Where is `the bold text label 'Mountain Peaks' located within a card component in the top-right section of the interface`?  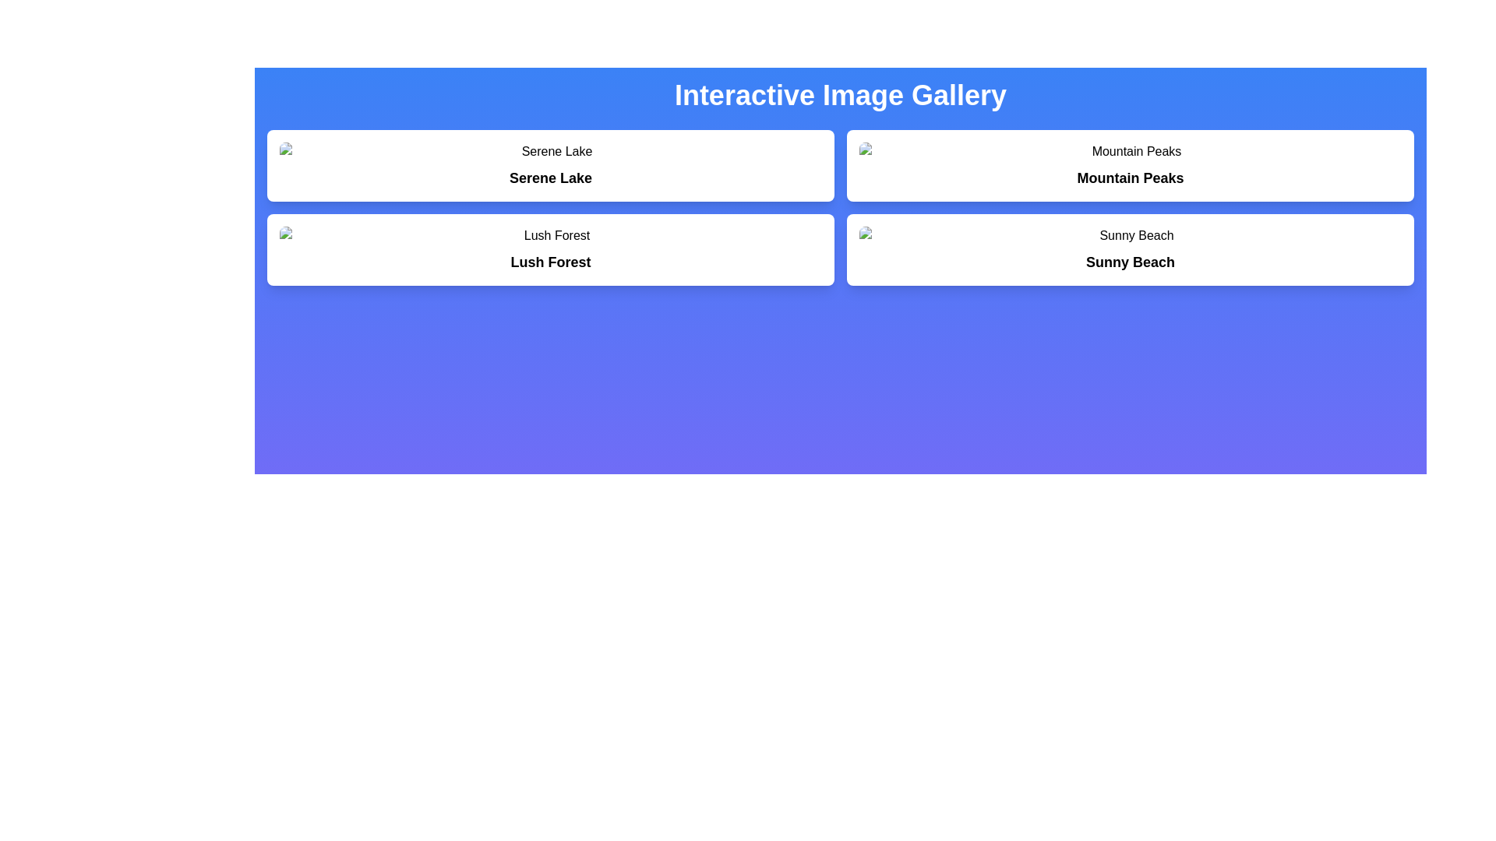
the bold text label 'Mountain Peaks' located within a card component in the top-right section of the interface is located at coordinates (1130, 177).